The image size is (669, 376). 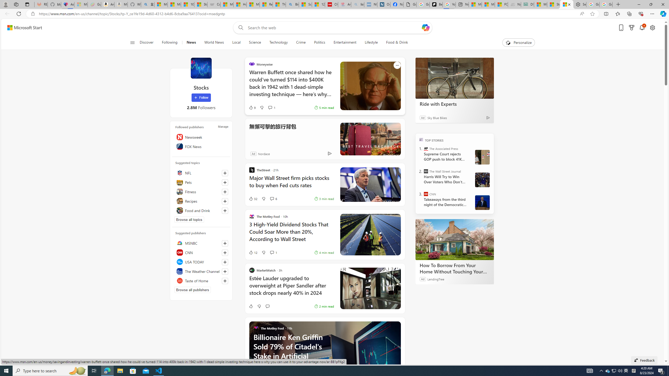 I want to click on 'View comments 6 Comment', so click(x=273, y=199).